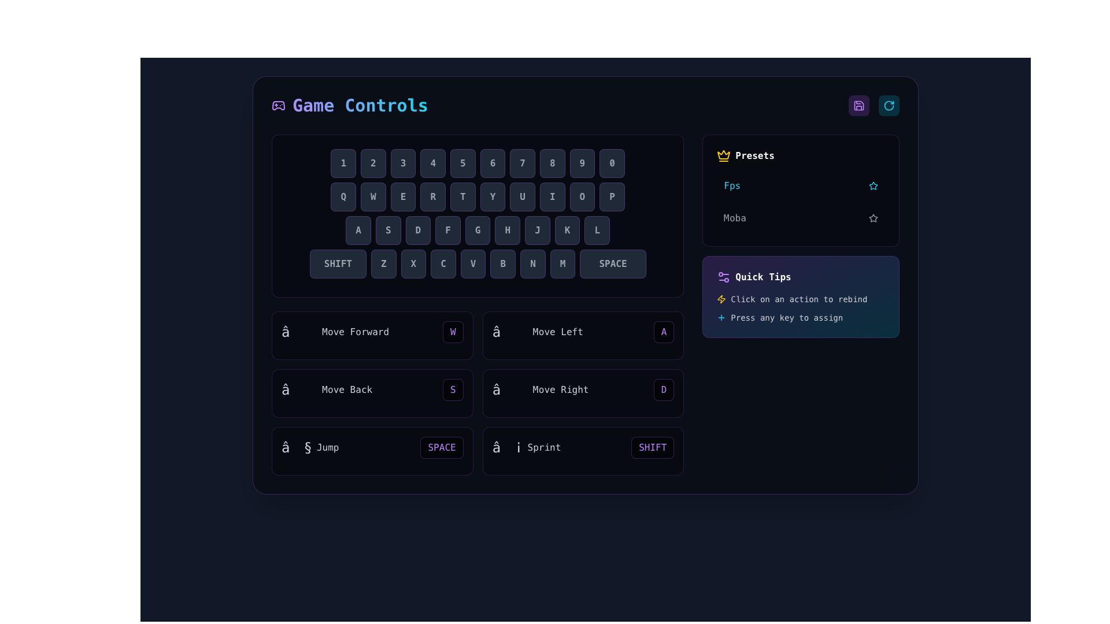 The image size is (1110, 624). What do you see at coordinates (874, 185) in the screenshot?
I see `the interaction state of the cyan-colored outlined star icon that is part of the 'fps' option in the UI, located next to the text label` at bounding box center [874, 185].